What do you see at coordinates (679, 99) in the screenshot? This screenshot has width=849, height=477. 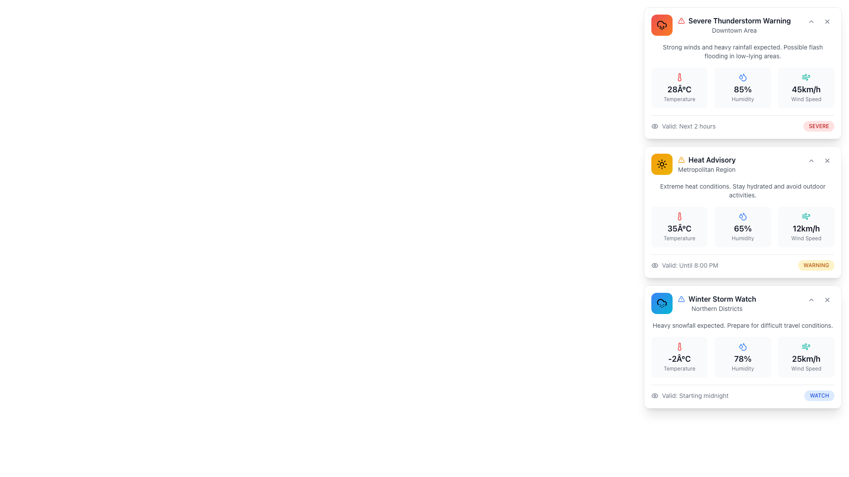 I see `the text label displaying 'Temperature' in a grayish tone, located below the temperature display (28°C) within the weather information card` at bounding box center [679, 99].